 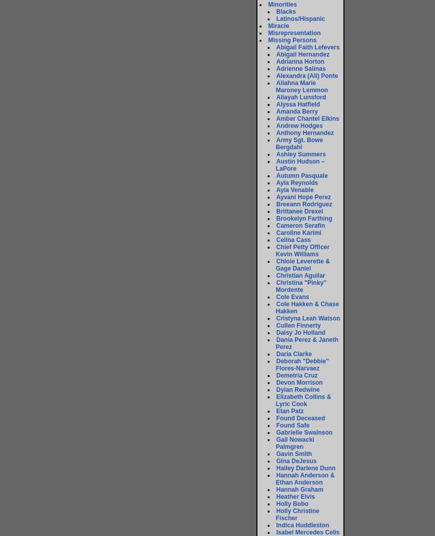 I want to click on 'Brittanee Drexel', so click(x=276, y=211).